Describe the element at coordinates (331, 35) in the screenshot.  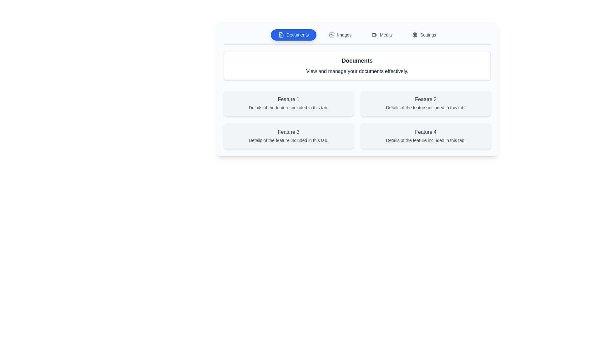
I see `the icon resembling a simplistic image frame with a circular mark inside, located near the left side of the 'Images' tab in the top navigation bar` at that location.